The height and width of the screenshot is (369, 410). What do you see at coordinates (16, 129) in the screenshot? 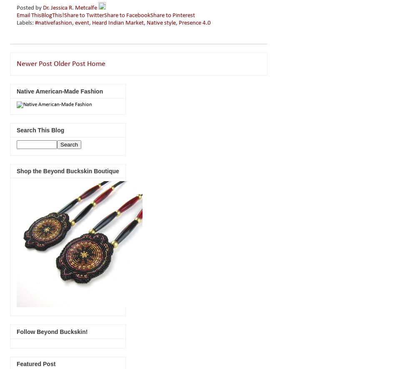
I see `'Search This Blog'` at bounding box center [16, 129].